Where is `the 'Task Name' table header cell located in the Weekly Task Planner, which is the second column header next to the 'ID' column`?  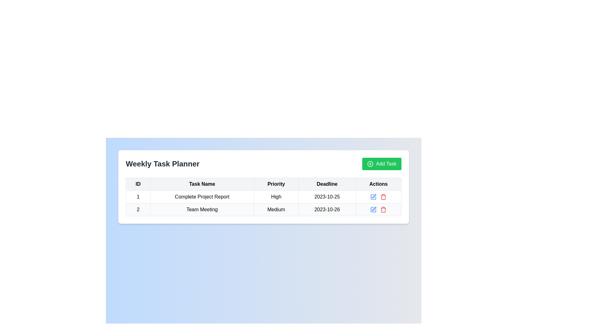
the 'Task Name' table header cell located in the Weekly Task Planner, which is the second column header next to the 'ID' column is located at coordinates (202, 184).